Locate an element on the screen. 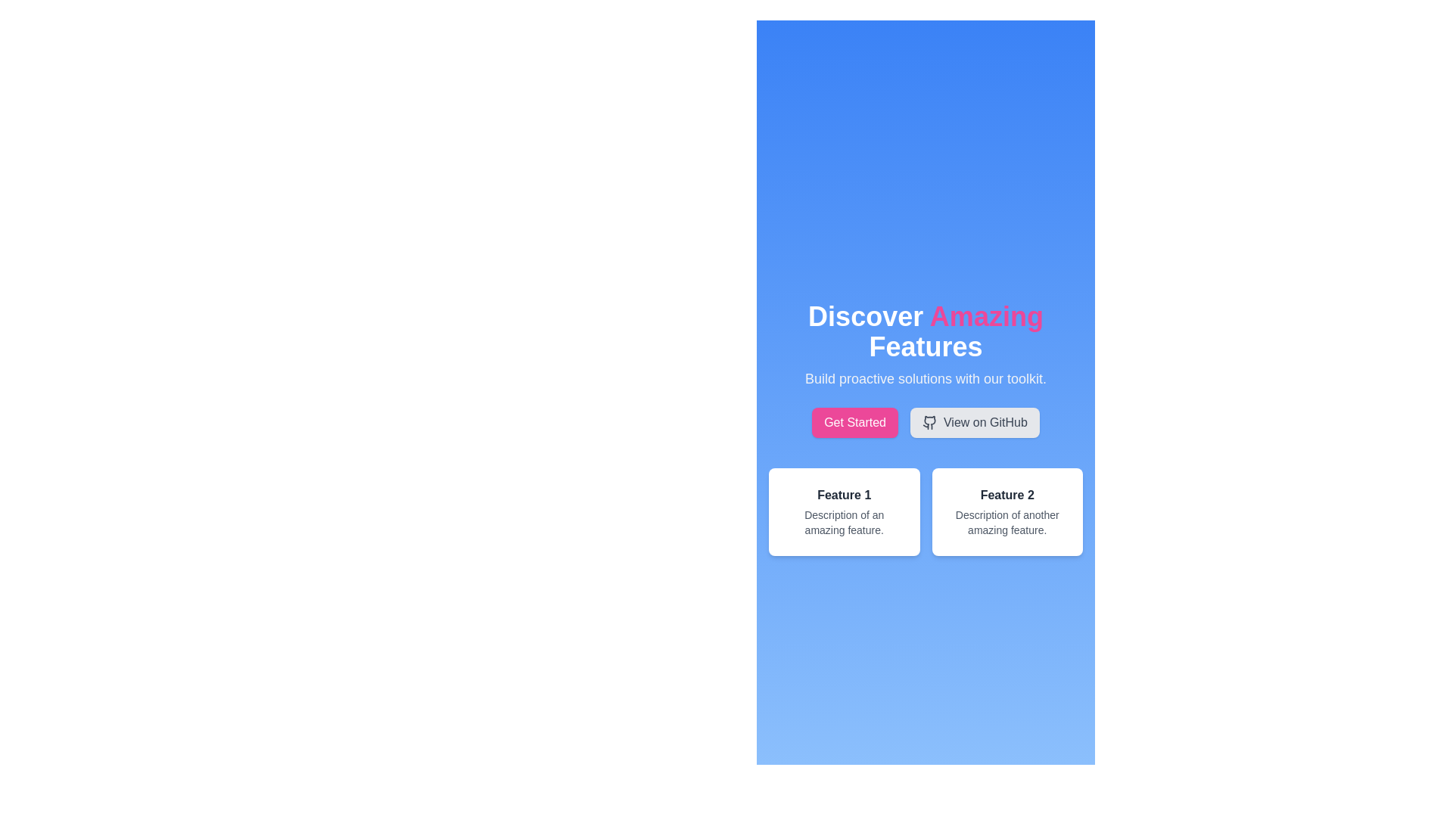 Image resolution: width=1453 pixels, height=817 pixels. the text display element that reads 'Build proactive solutions with our toolkit.' which is styled with light-gray text on a blue background, located below the header 'Discover Amazing Features.' is located at coordinates (925, 378).